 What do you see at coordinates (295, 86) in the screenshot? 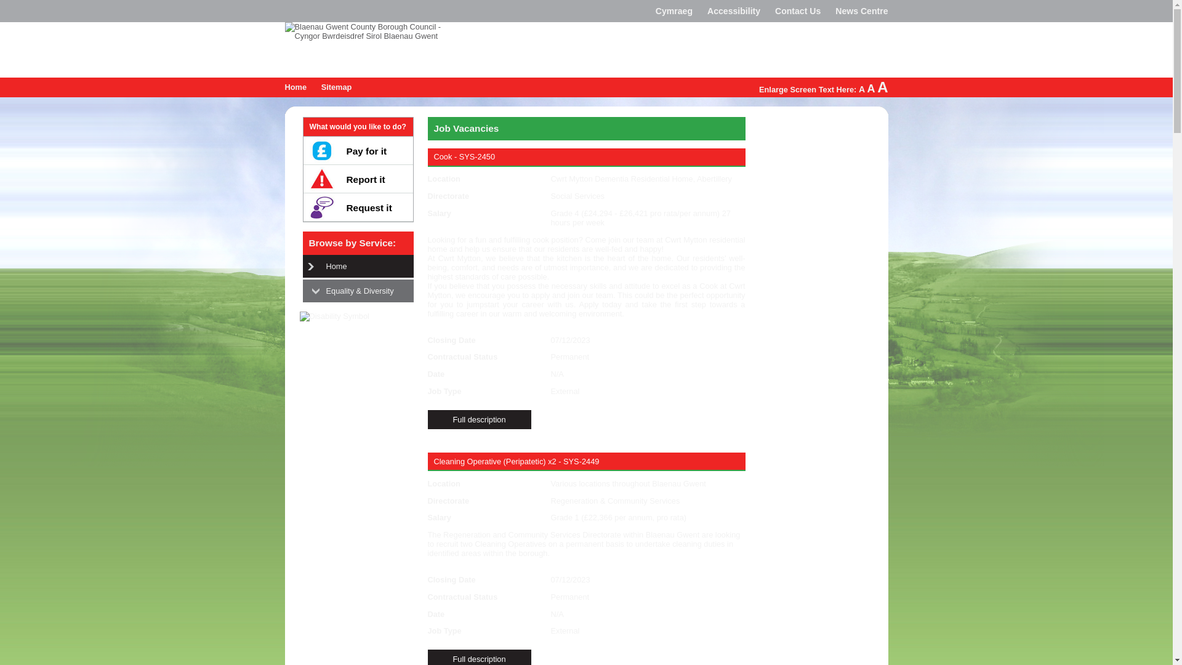
I see `'Home'` at bounding box center [295, 86].